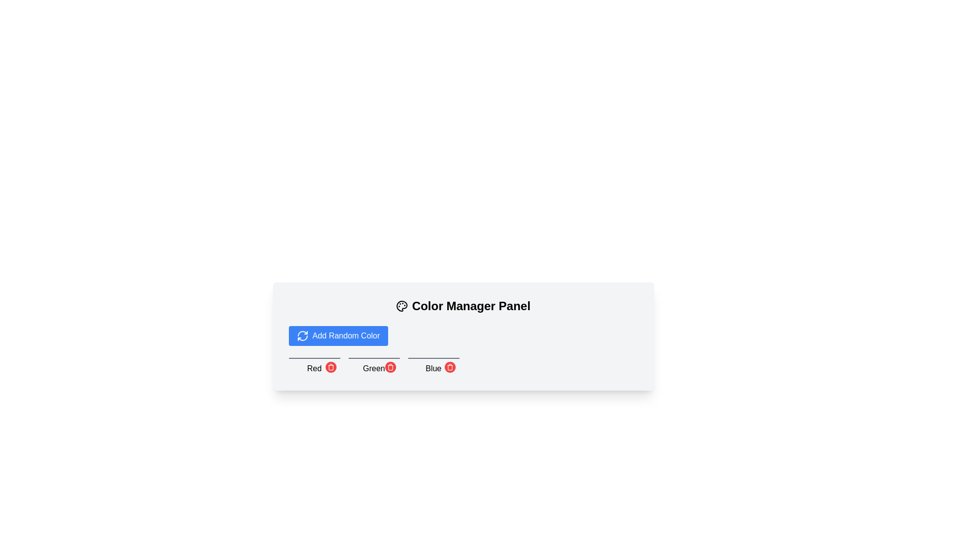 This screenshot has width=953, height=536. Describe the element at coordinates (463, 366) in the screenshot. I see `color labels for information in the Grid of selectable or modifiable color items located below the 'Add Random Color' button in the 'Color Manager Panel'` at that location.